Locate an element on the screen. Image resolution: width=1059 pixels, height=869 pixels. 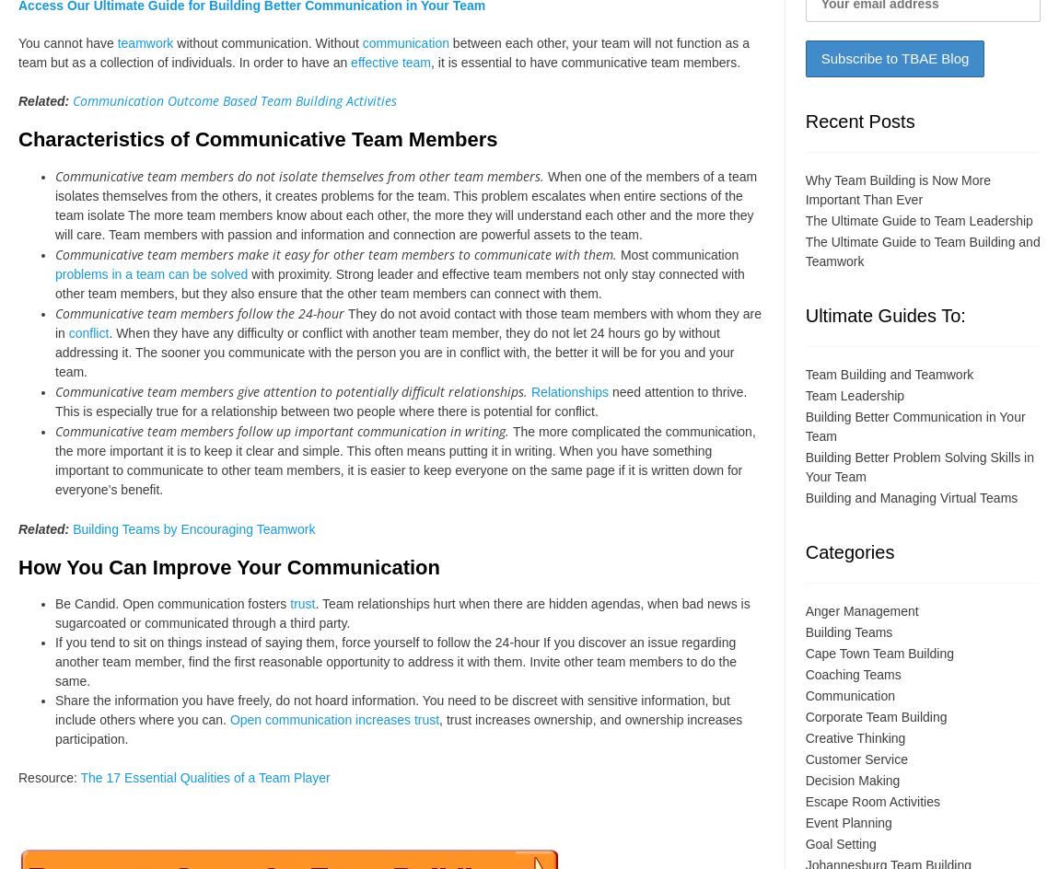
'Decision Making' is located at coordinates (852, 779).